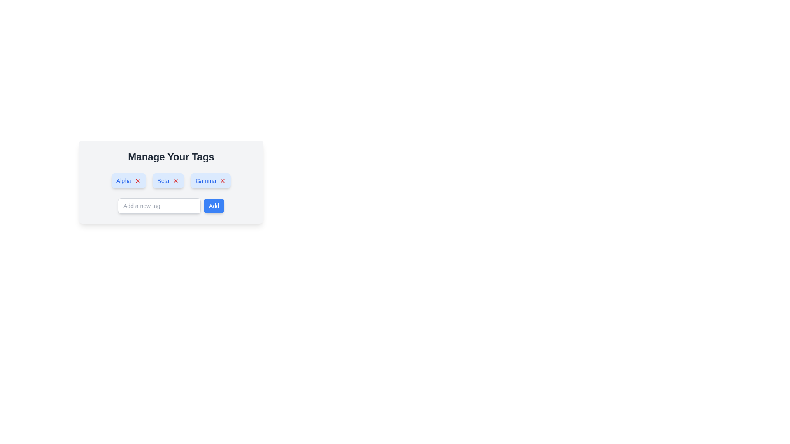  What do you see at coordinates (137, 180) in the screenshot?
I see `the 'X' icon located on the right end of the 'Alpha' button` at bounding box center [137, 180].